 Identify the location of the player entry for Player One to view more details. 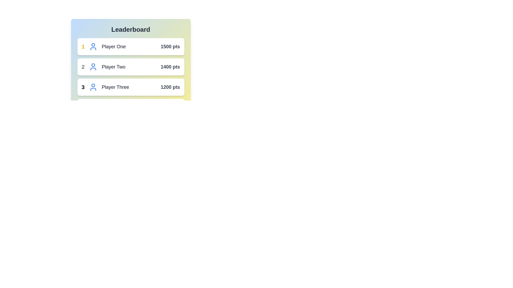
(131, 46).